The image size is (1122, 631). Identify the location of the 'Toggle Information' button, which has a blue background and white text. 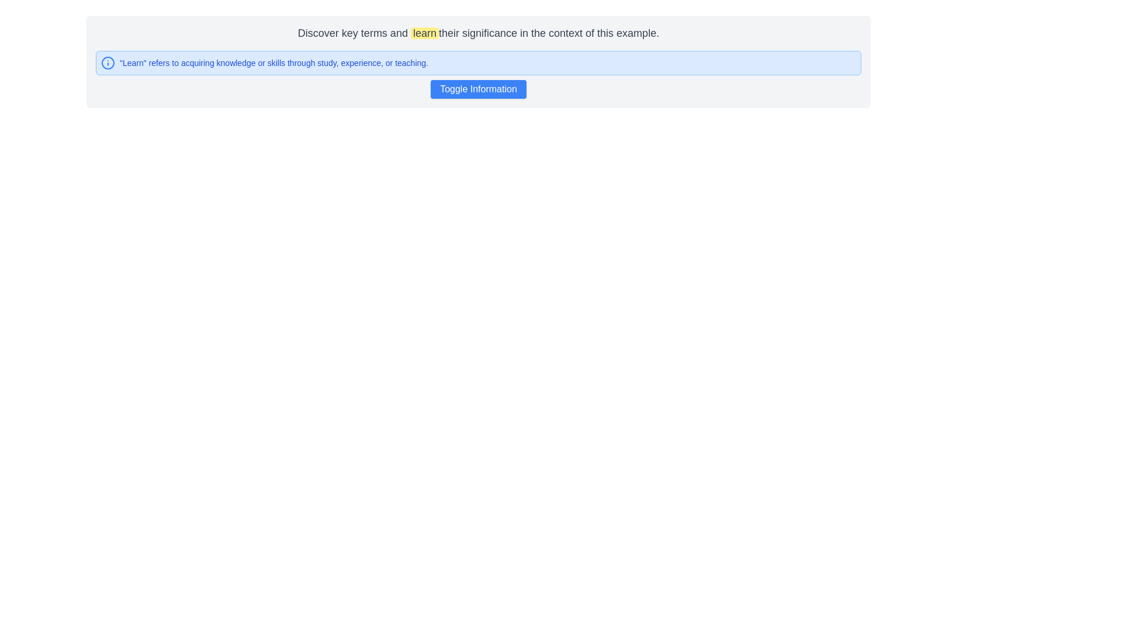
(479, 89).